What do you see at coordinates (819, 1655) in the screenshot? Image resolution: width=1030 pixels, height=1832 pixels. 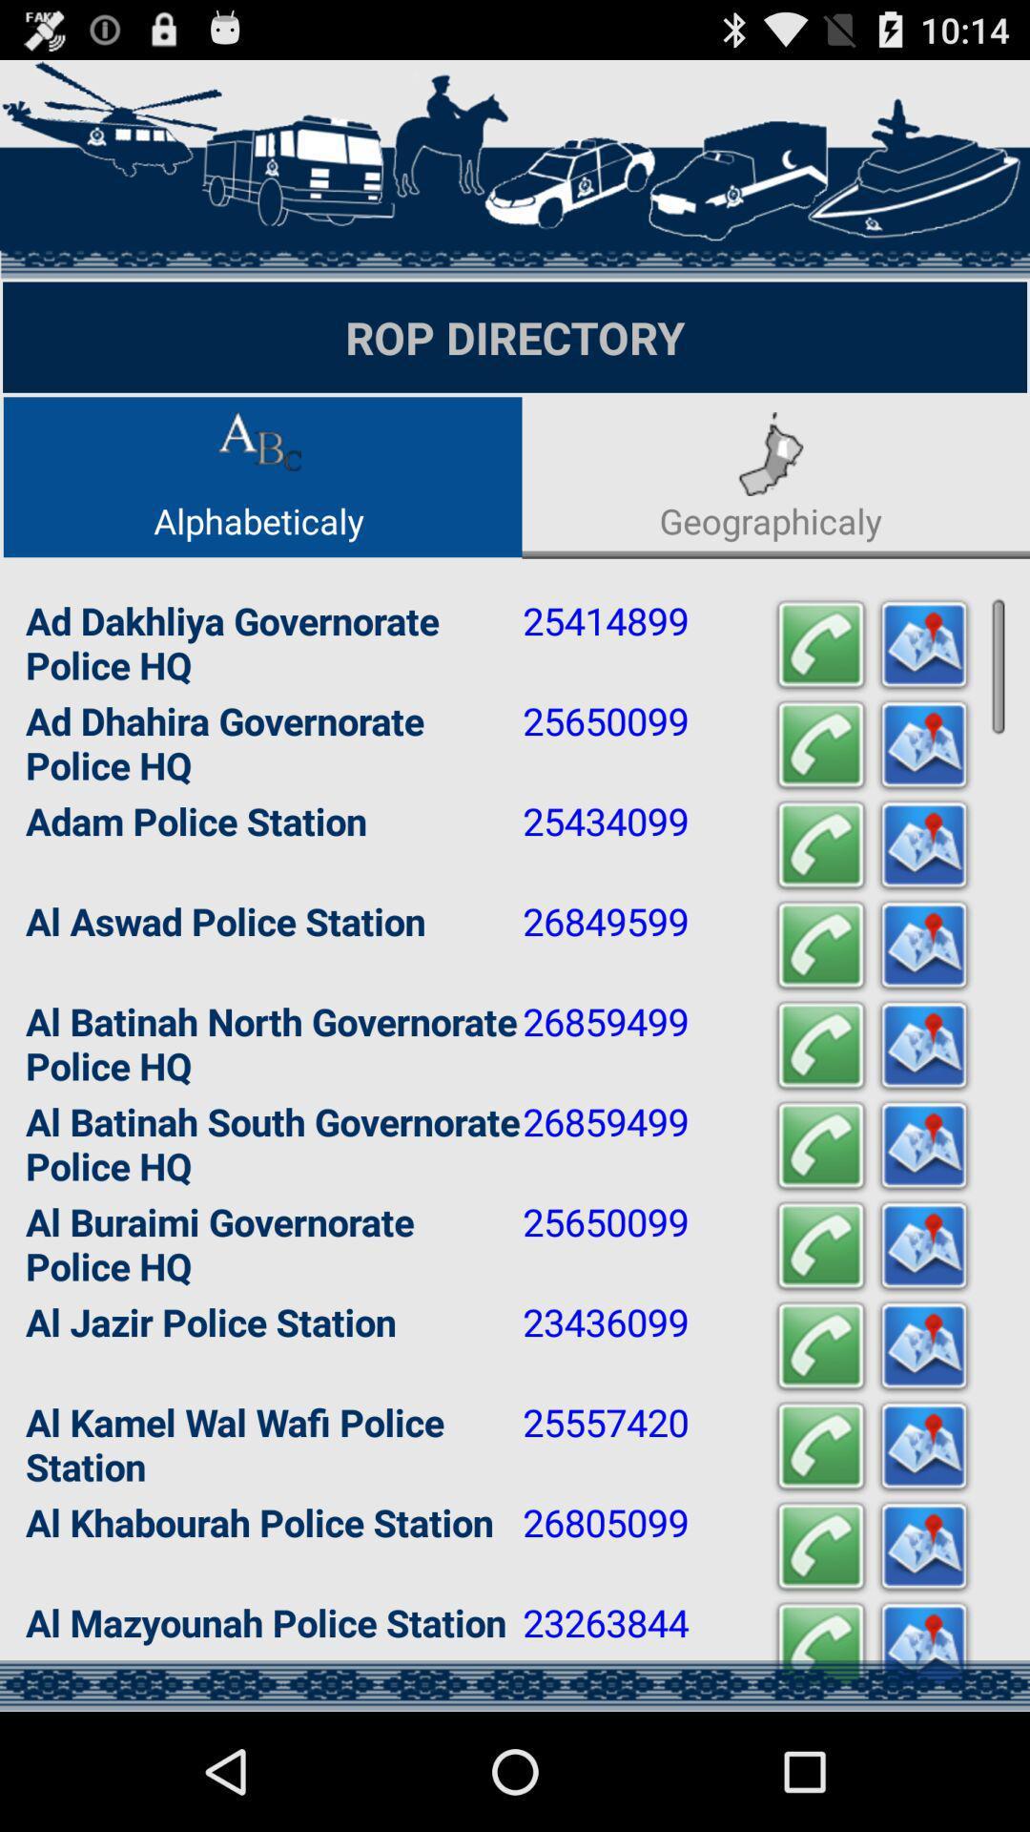 I see `the call icon` at bounding box center [819, 1655].